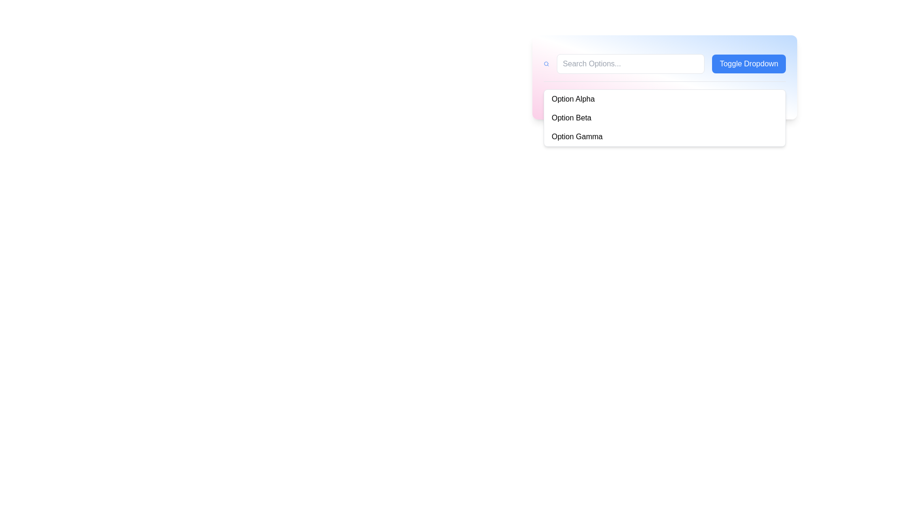 The width and height of the screenshot is (903, 508). Describe the element at coordinates (664, 99) in the screenshot. I see `the first entry in the dropdown menu located directly below the 'Search Options' field` at that location.